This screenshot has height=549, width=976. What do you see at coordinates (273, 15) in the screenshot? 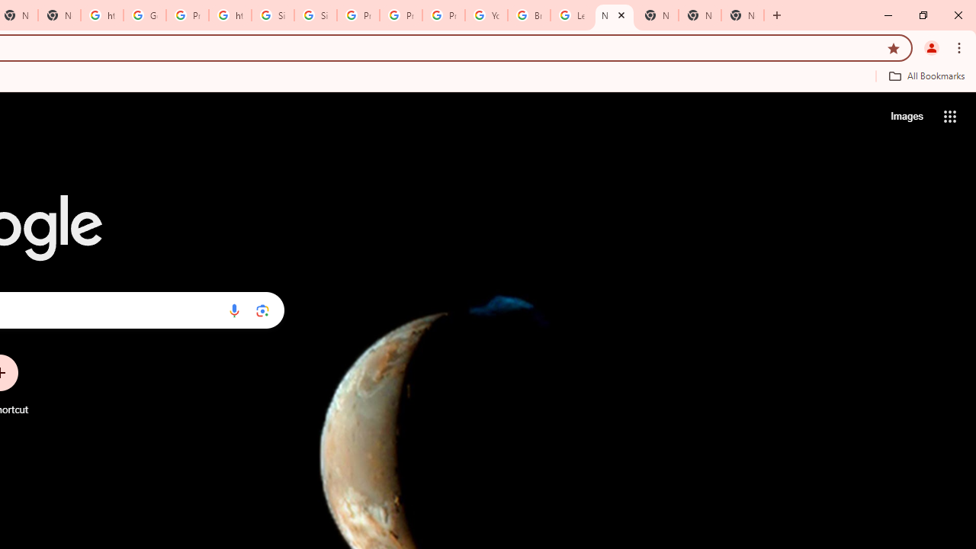
I see `'Sign in - Google Accounts'` at bounding box center [273, 15].